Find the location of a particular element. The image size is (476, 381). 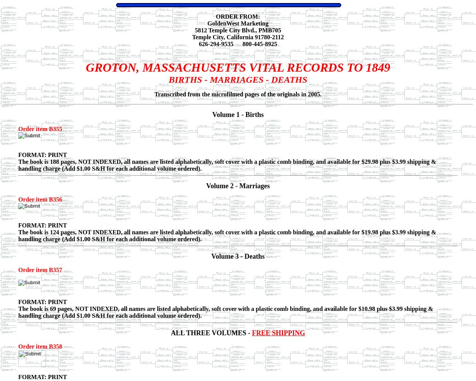

'The book is 188 pages, NOT INDEXED, all names are listed alphabetically, soft cover with a plastic comb binding, and available for
$29.98 plus $3.99 shipping & handling charge (Add $1.00 S&H for each additional volume ordered).' is located at coordinates (227, 165).